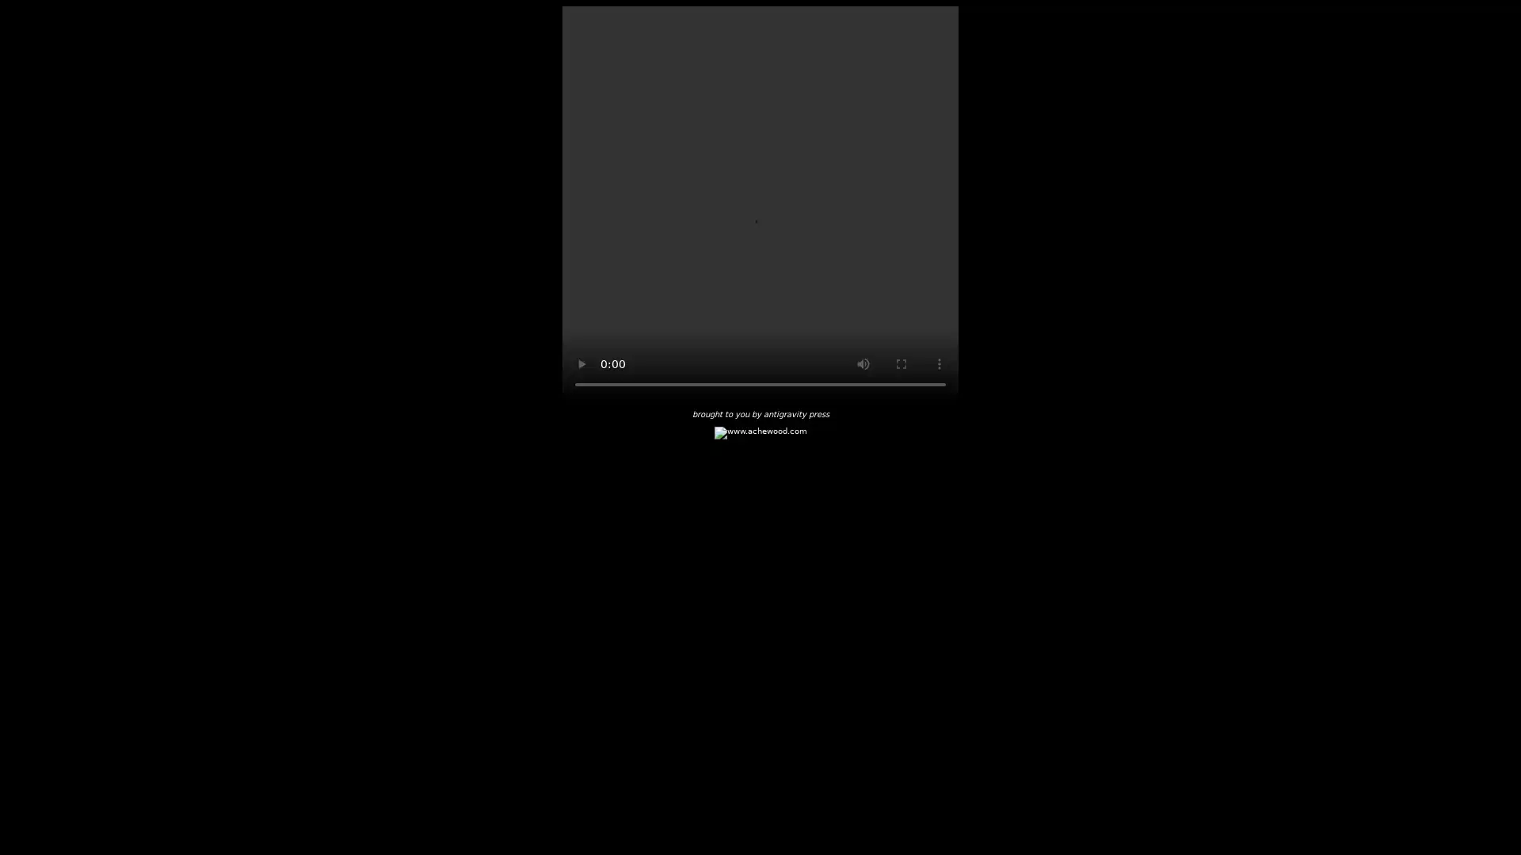 The width and height of the screenshot is (1521, 855). Describe the element at coordinates (862, 363) in the screenshot. I see `mute` at that location.